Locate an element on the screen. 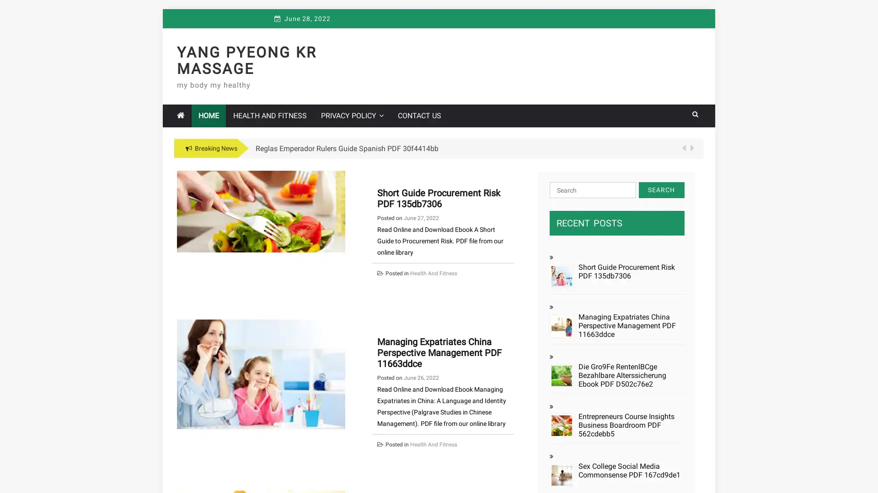 The image size is (878, 493). Search is located at coordinates (661, 189).